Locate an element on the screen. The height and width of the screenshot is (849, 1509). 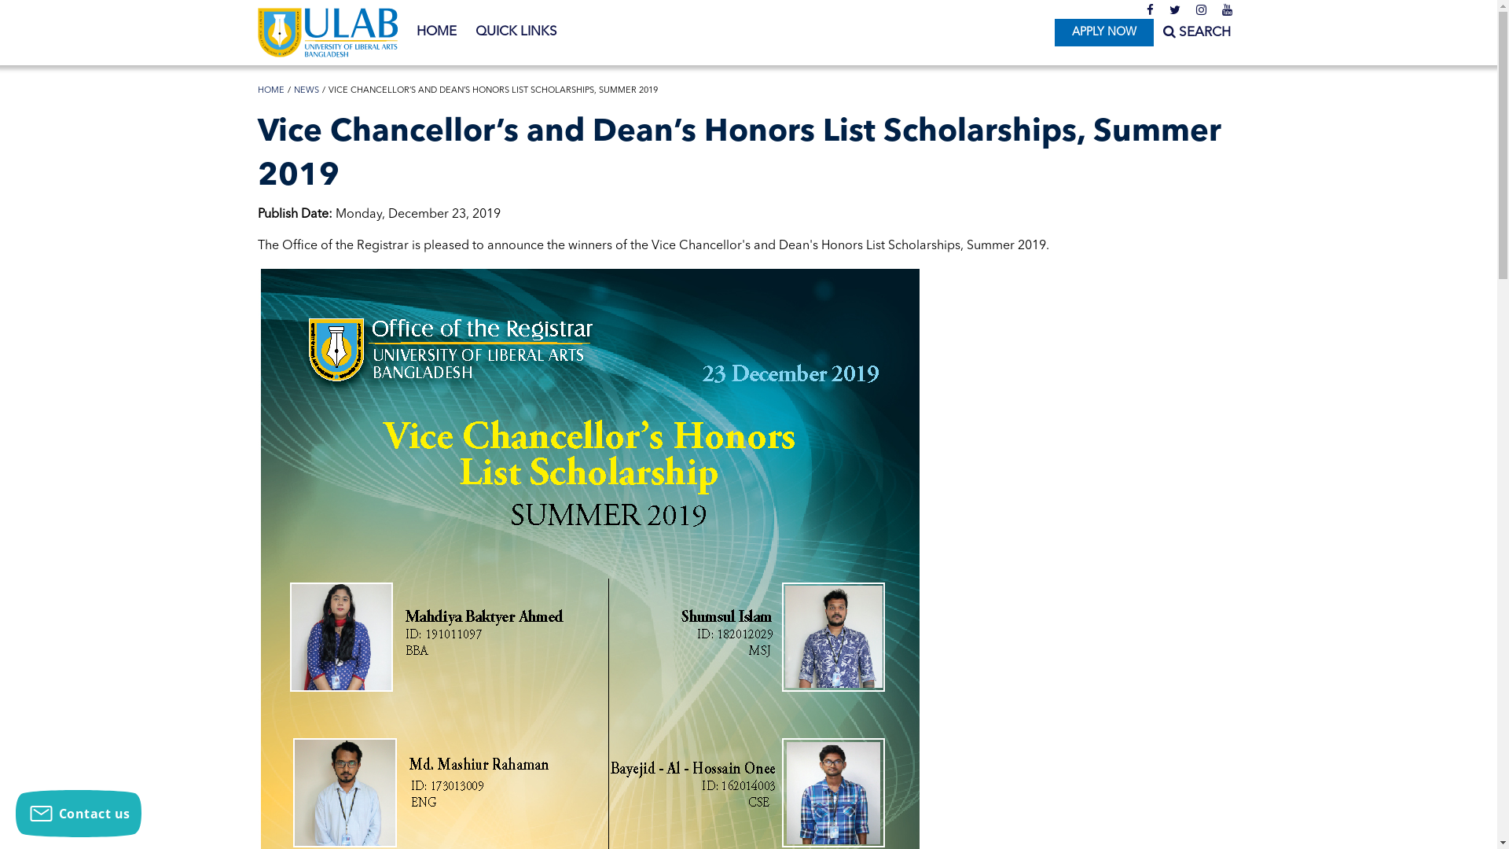
'NEWS' is located at coordinates (306, 90).